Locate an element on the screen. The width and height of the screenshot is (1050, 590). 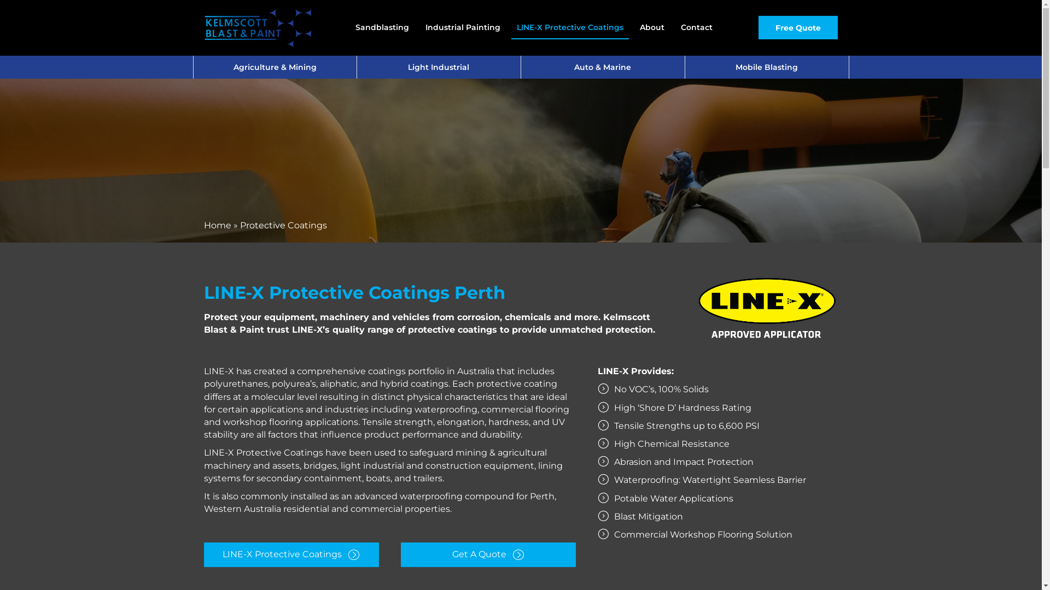
'Get A Quote' is located at coordinates (487, 554).